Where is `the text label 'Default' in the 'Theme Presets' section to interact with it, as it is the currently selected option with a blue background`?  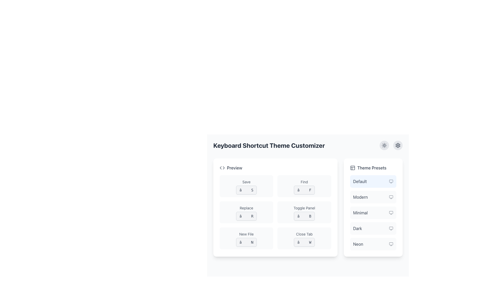
the text label 'Default' in the 'Theme Presets' section to interact with it, as it is the currently selected option with a blue background is located at coordinates (360, 181).